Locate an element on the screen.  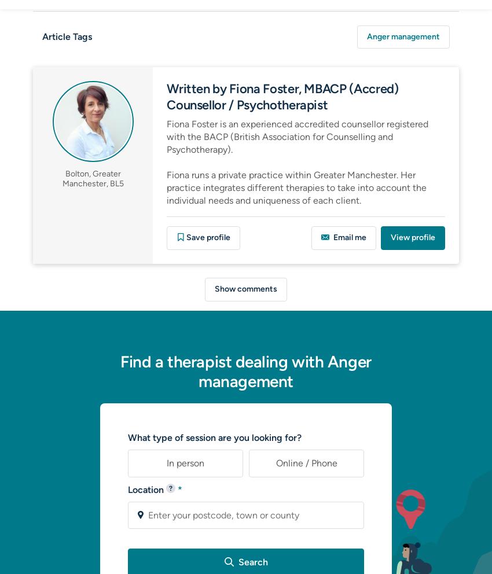
'View profile' is located at coordinates (412, 237).